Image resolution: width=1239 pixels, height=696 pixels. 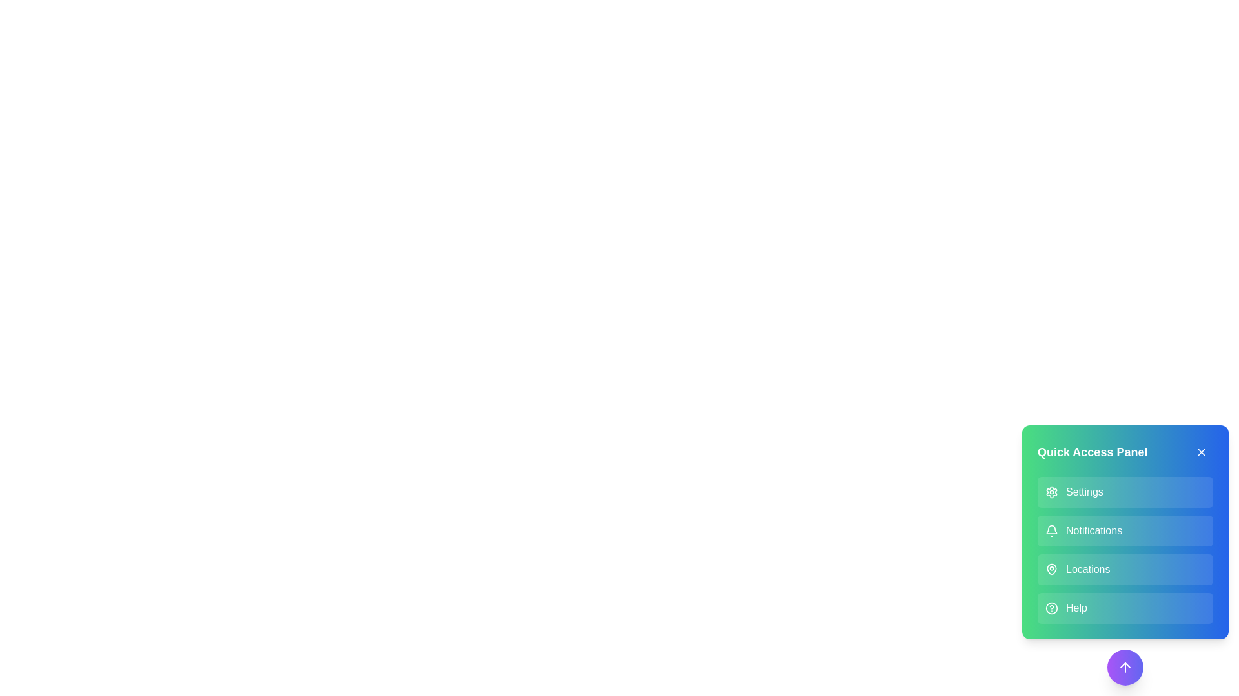 What do you see at coordinates (1124, 531) in the screenshot?
I see `the notifications button located in the Quick Access Panel, which is the second item in the vertical list` at bounding box center [1124, 531].